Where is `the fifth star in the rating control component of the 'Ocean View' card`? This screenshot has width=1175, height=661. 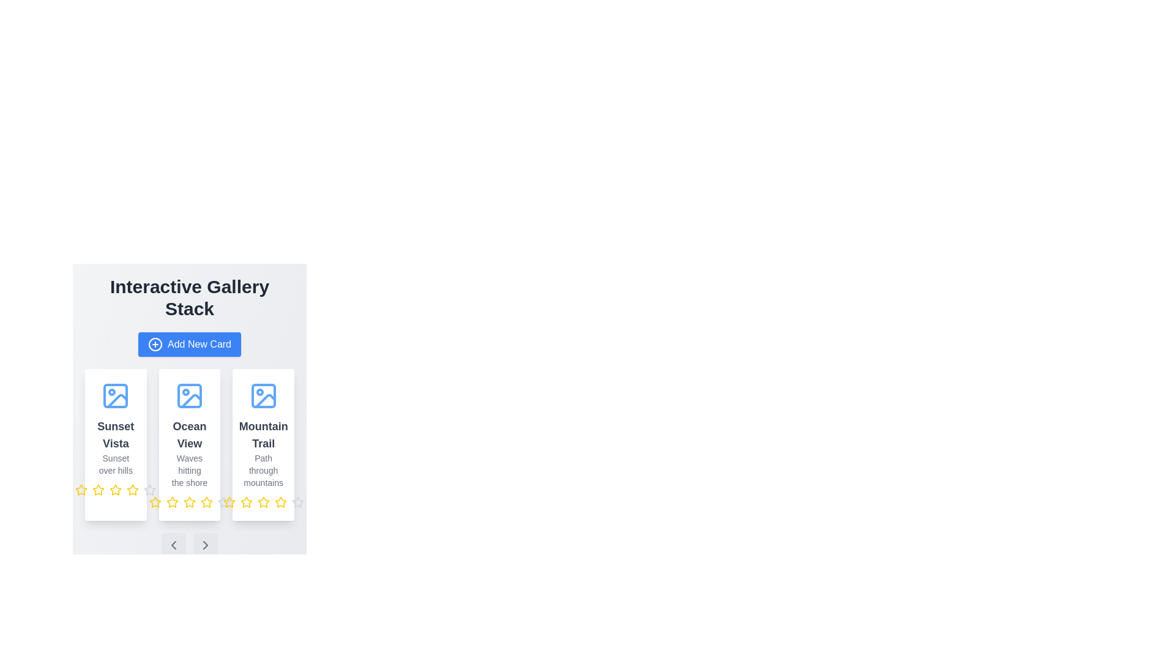
the fifth star in the rating control component of the 'Ocean View' card is located at coordinates (149, 490).